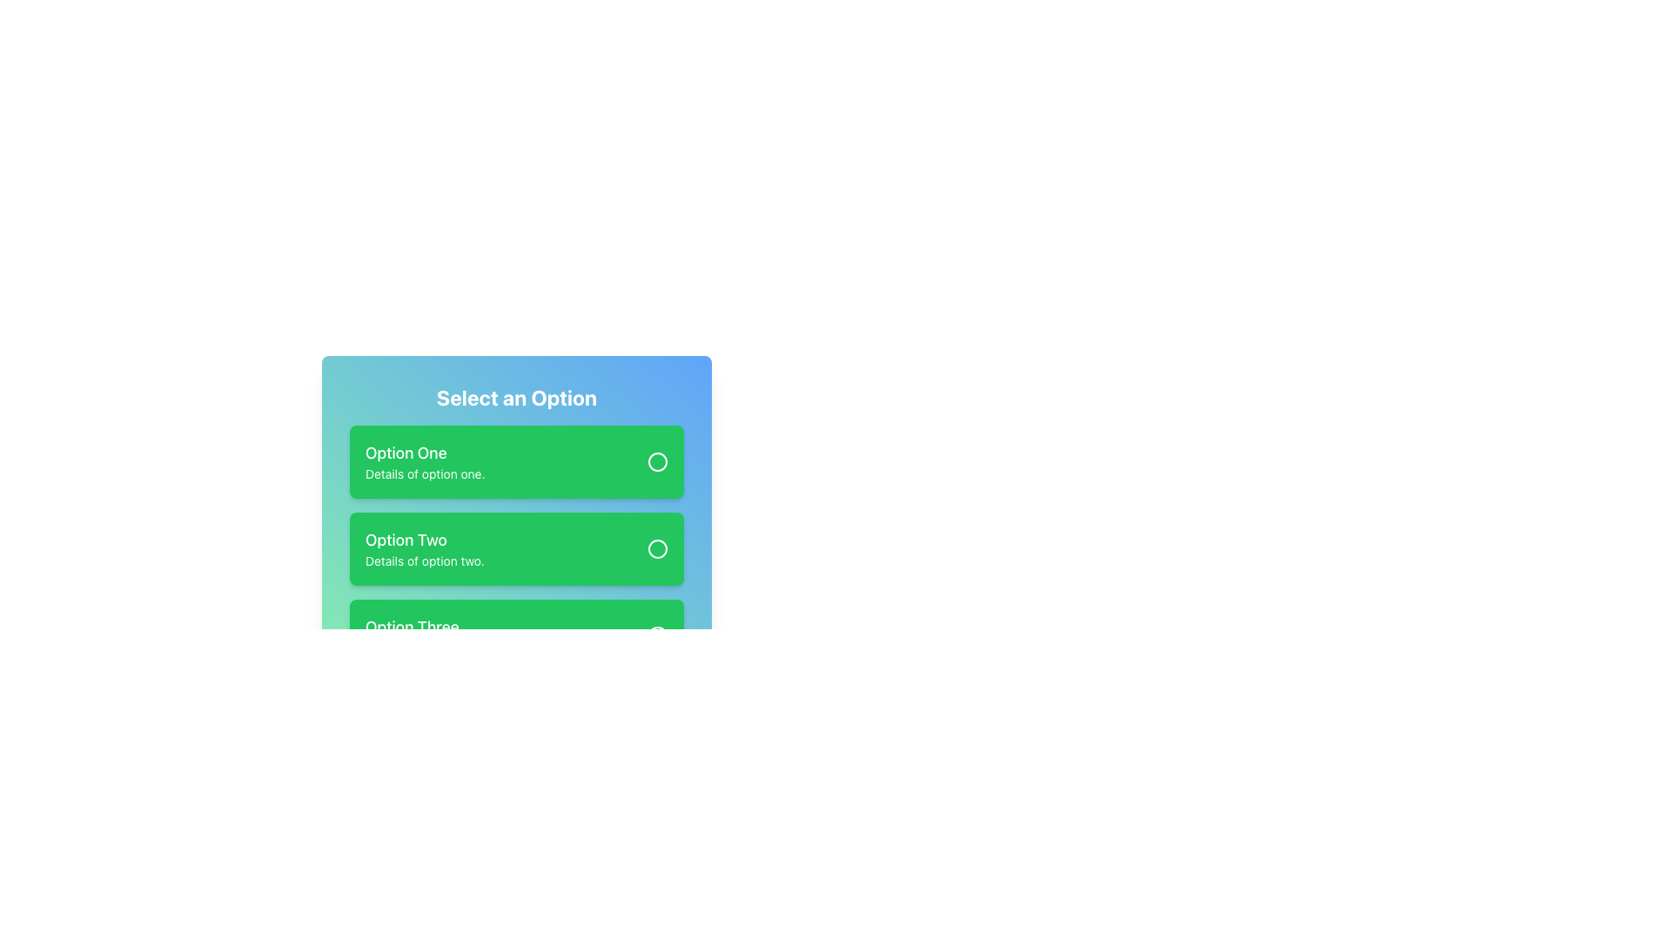  What do you see at coordinates (656, 549) in the screenshot?
I see `the radio button for 'Option Two'` at bounding box center [656, 549].